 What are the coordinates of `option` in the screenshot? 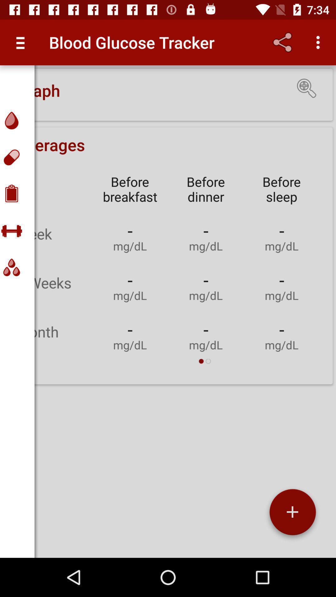 It's located at (292, 514).